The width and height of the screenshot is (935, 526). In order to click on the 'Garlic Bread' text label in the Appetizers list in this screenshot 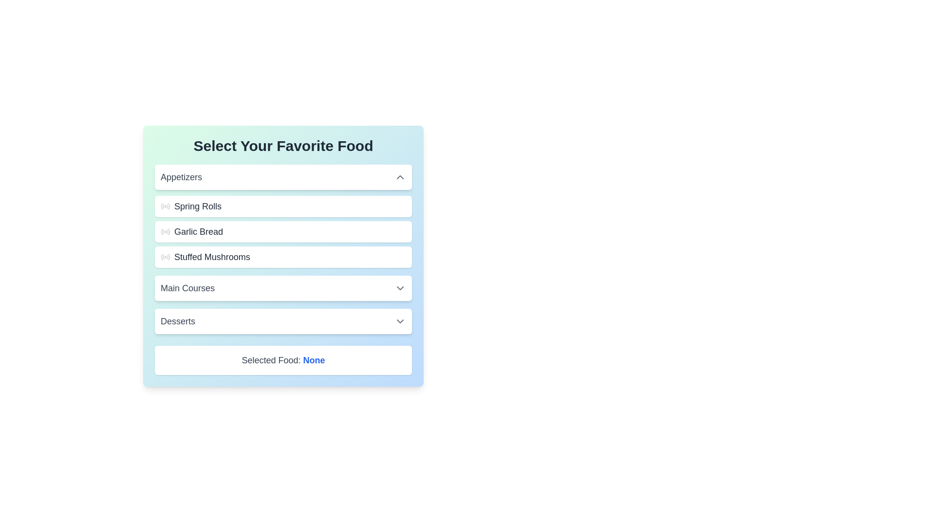, I will do `click(198, 231)`.